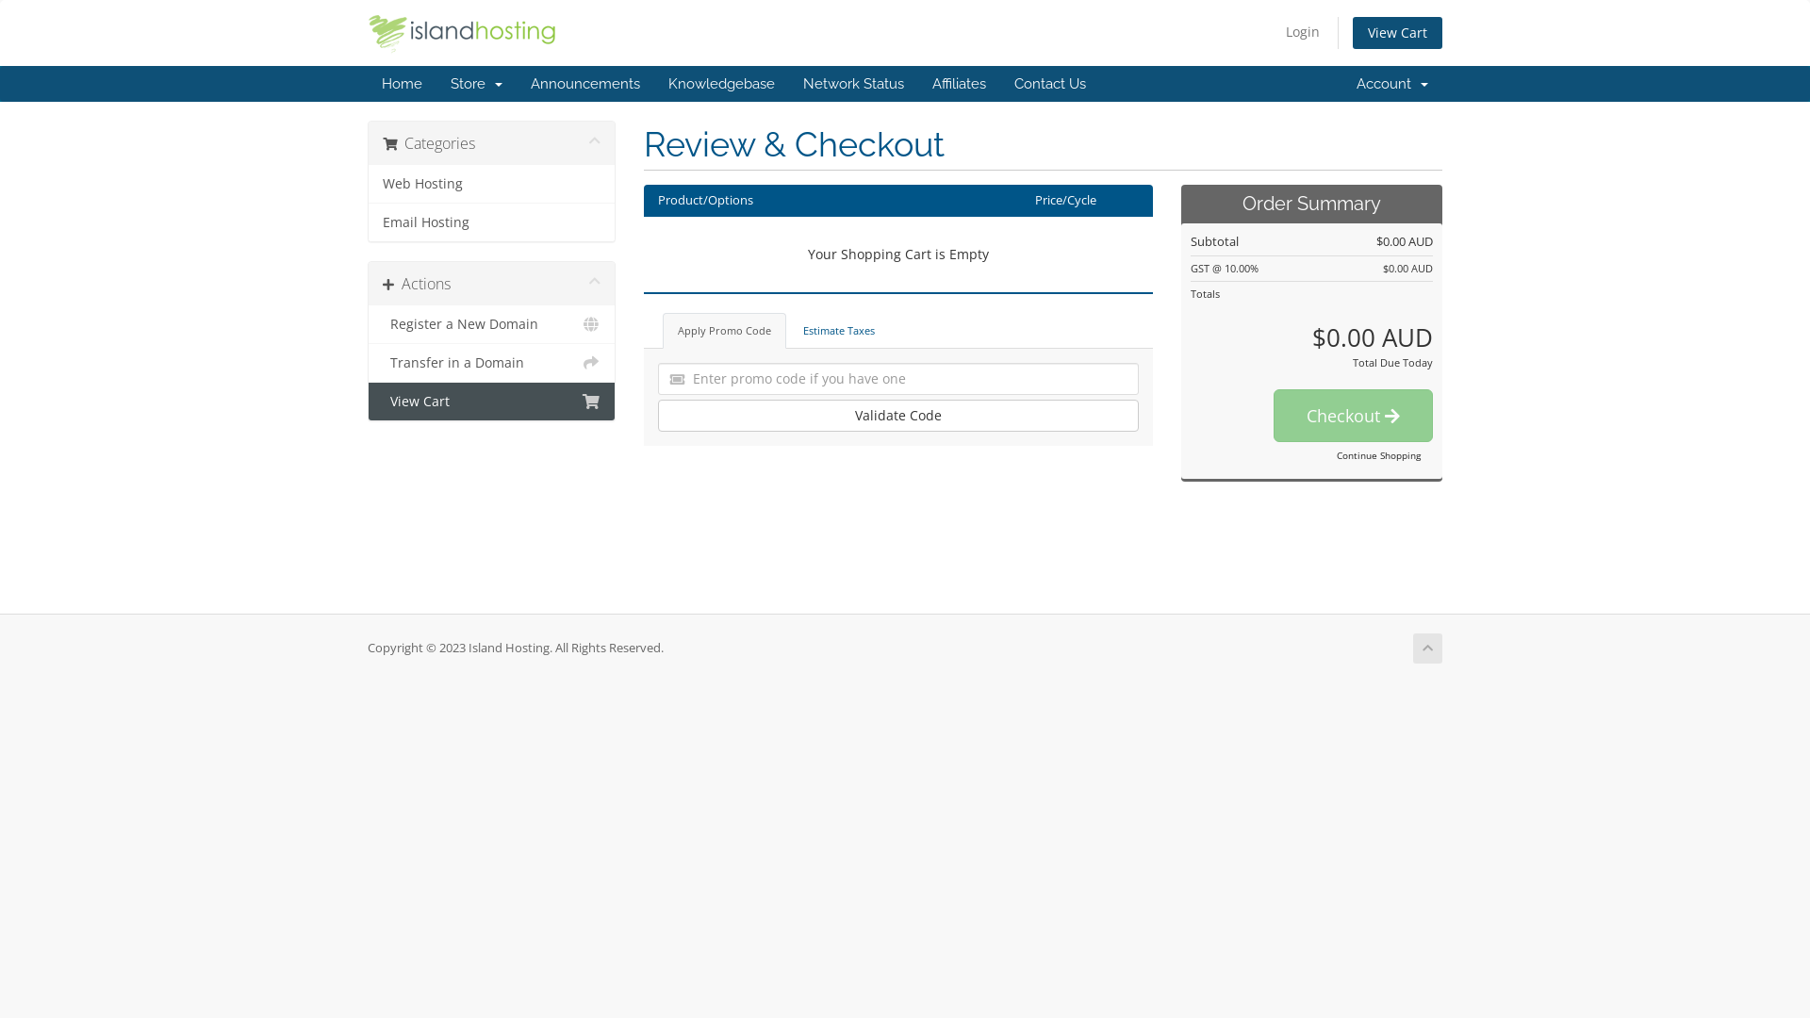  Describe the element at coordinates (435, 82) in the screenshot. I see `'Store  '` at that location.